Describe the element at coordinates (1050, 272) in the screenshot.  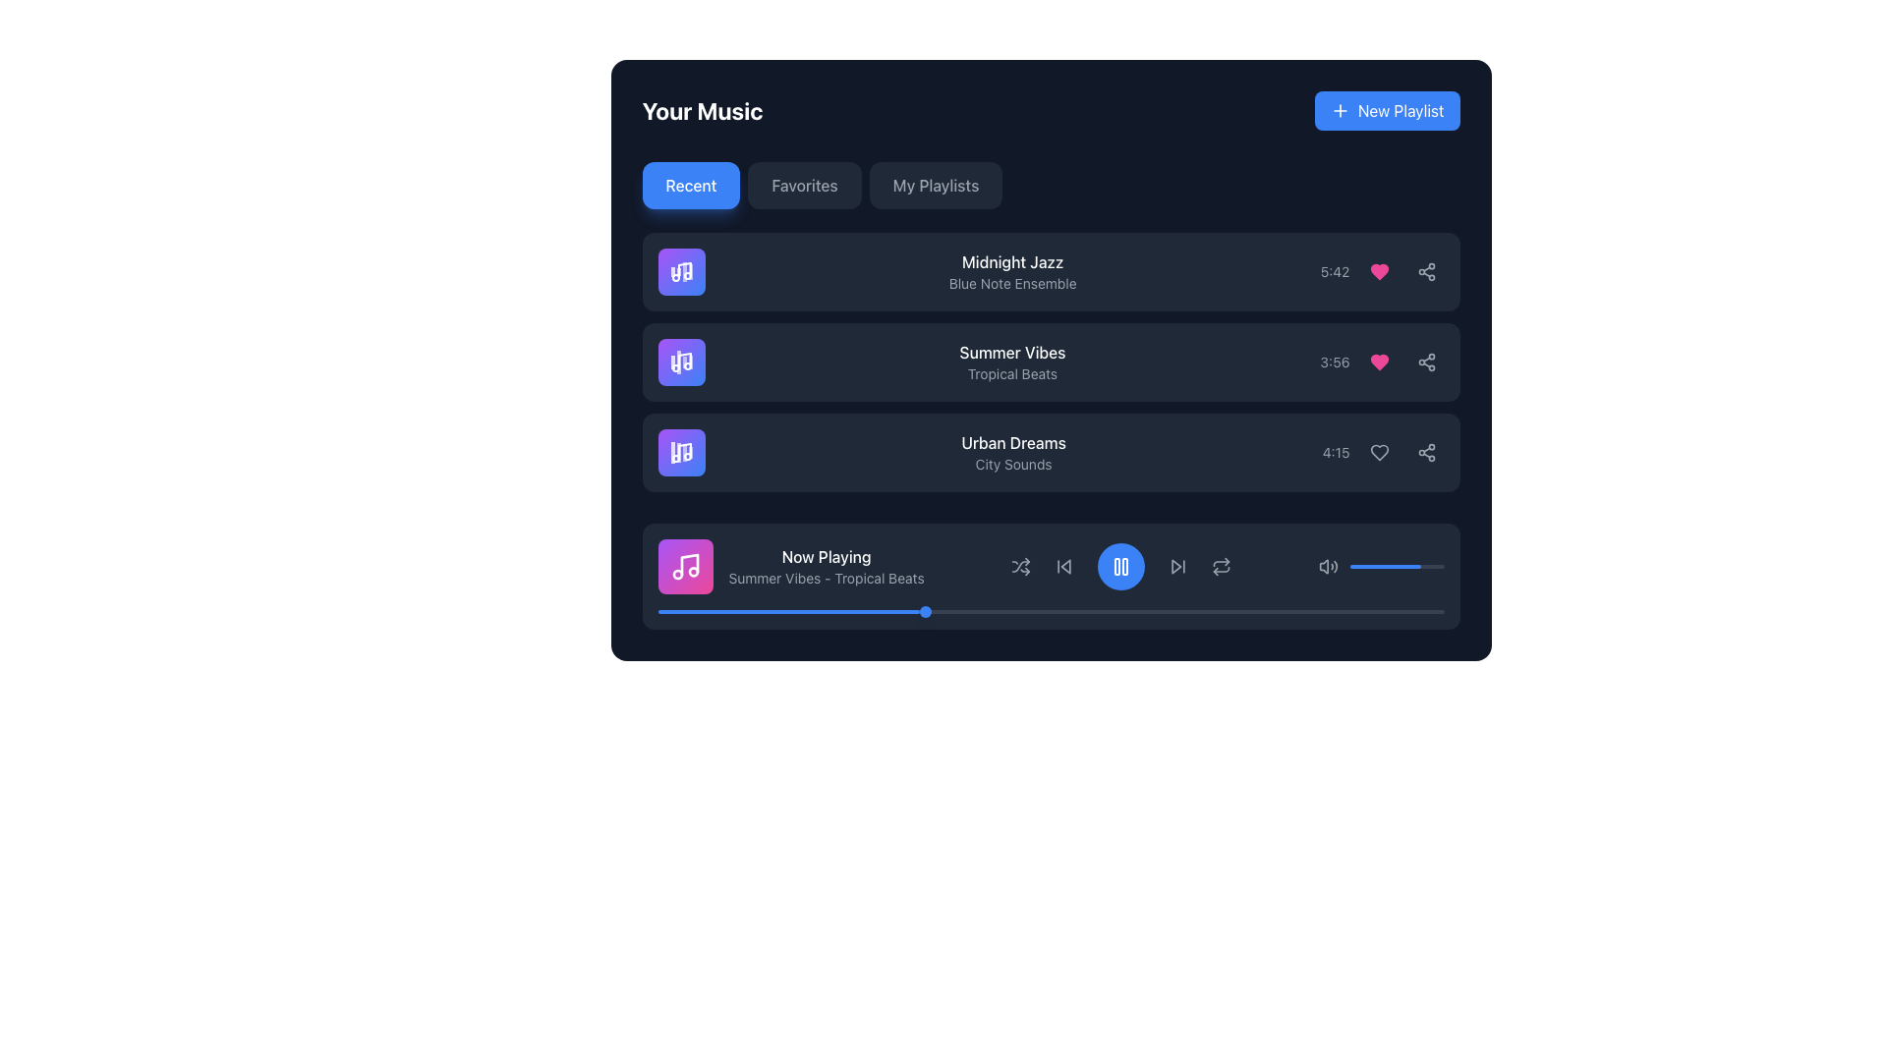
I see `the first list item labeled 'Midnight Jazz'` at that location.